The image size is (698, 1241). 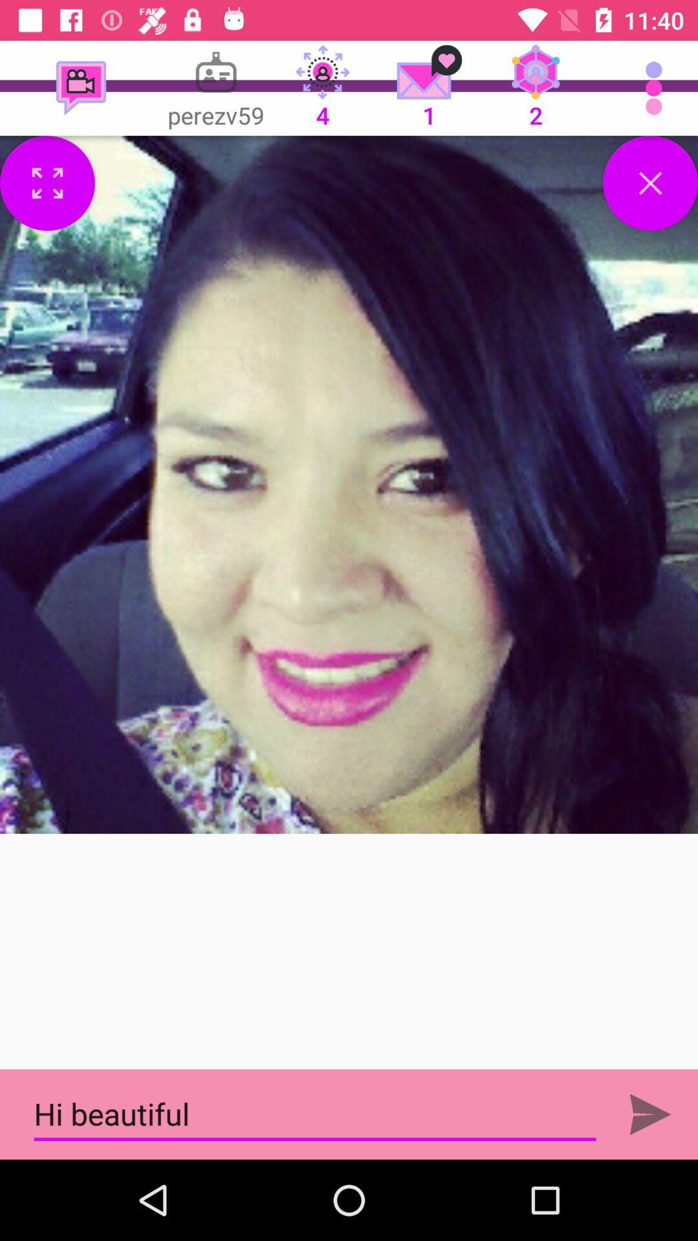 What do you see at coordinates (47, 182) in the screenshot?
I see `full screen` at bounding box center [47, 182].